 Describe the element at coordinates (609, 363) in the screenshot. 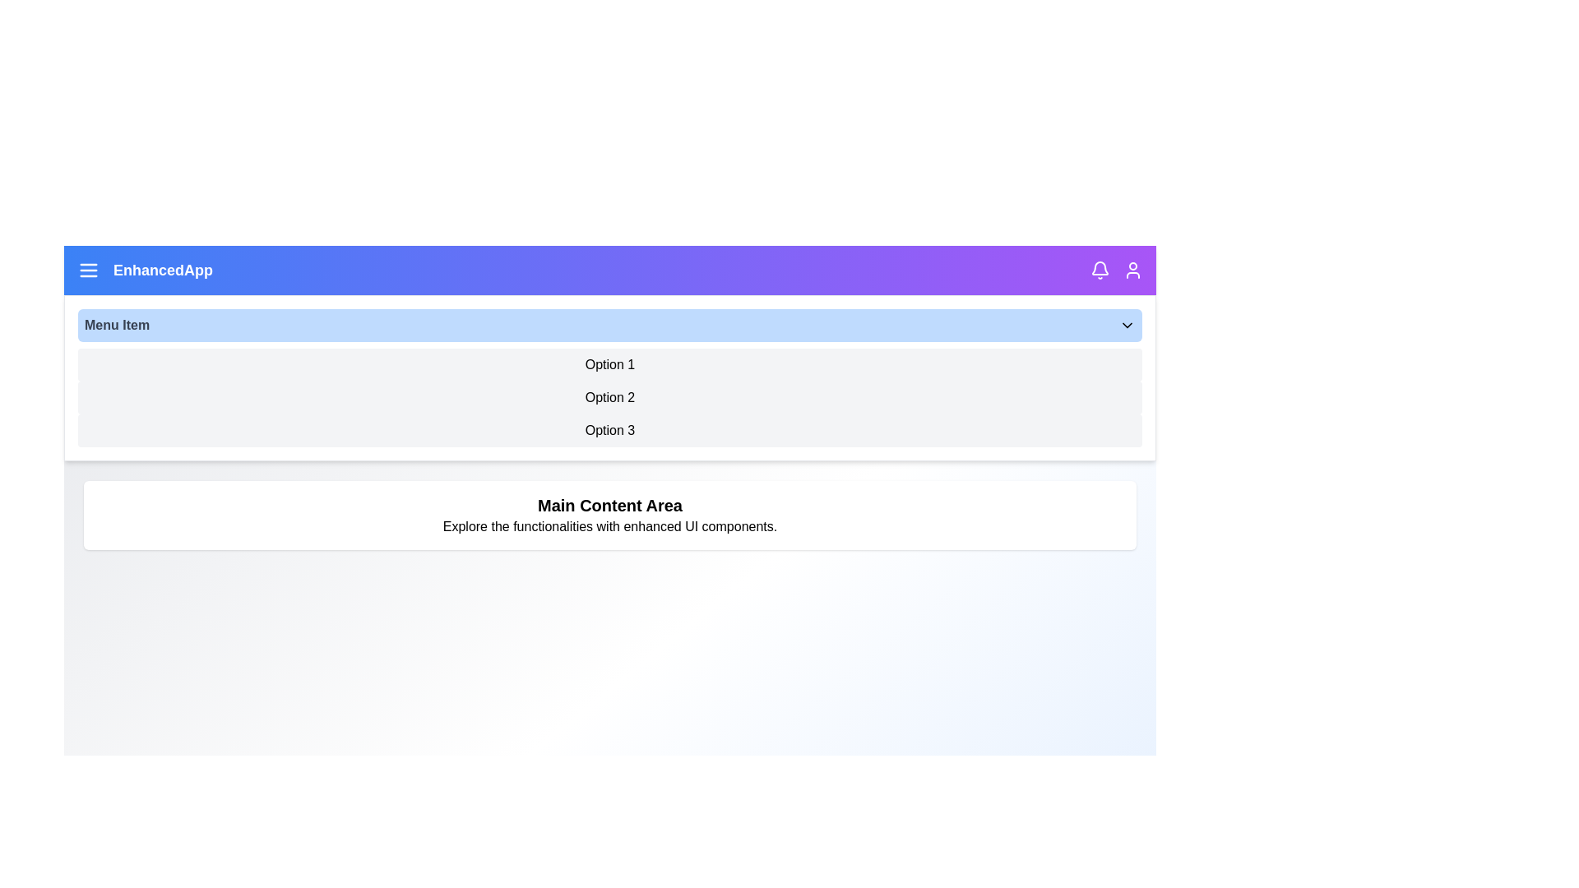

I see `the dropdown option Option 1` at that location.